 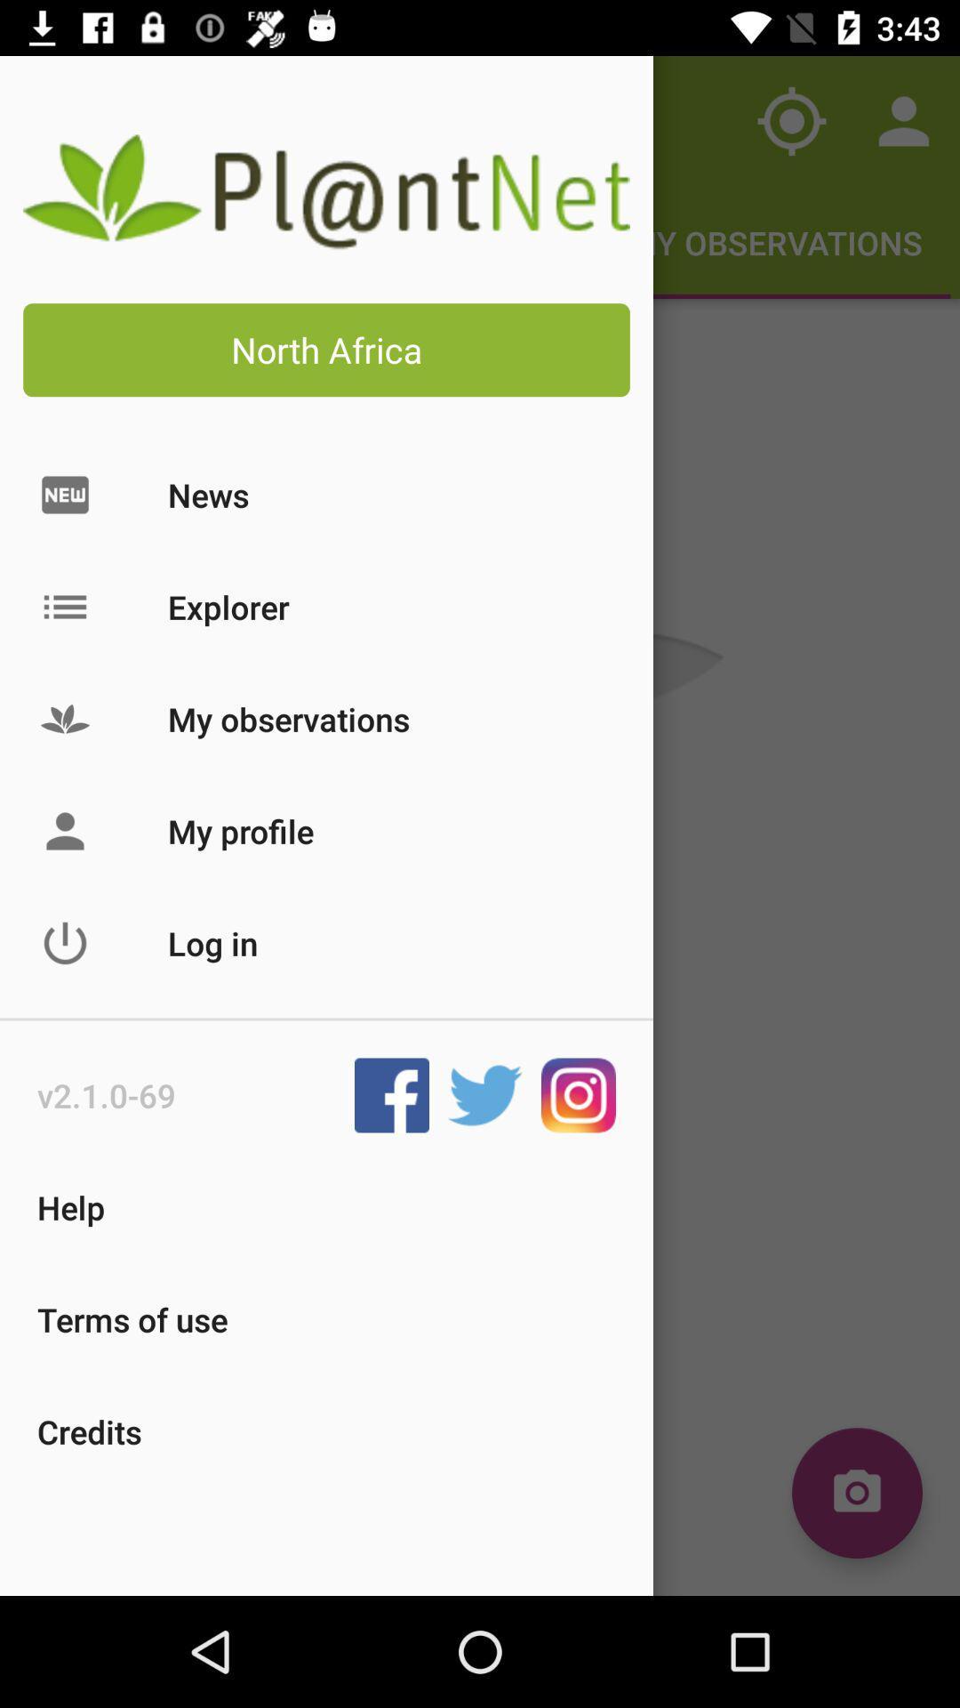 I want to click on the camera icon, so click(x=856, y=1493).